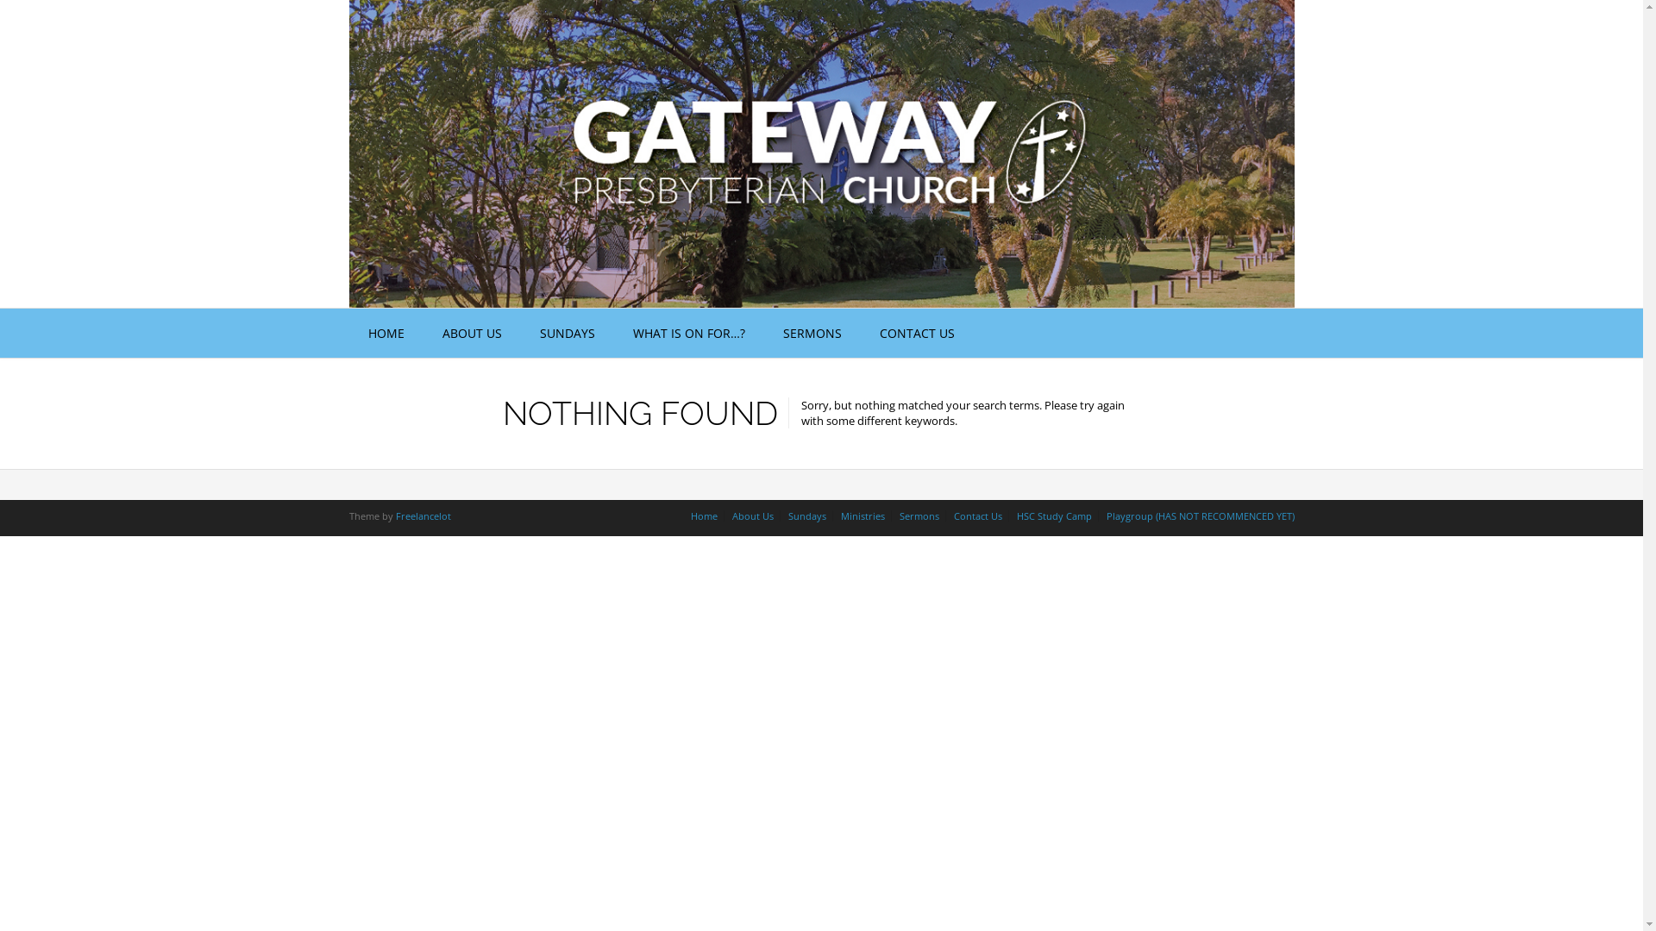 The width and height of the screenshot is (1656, 931). What do you see at coordinates (1053, 515) in the screenshot?
I see `'HSC Study Camp'` at bounding box center [1053, 515].